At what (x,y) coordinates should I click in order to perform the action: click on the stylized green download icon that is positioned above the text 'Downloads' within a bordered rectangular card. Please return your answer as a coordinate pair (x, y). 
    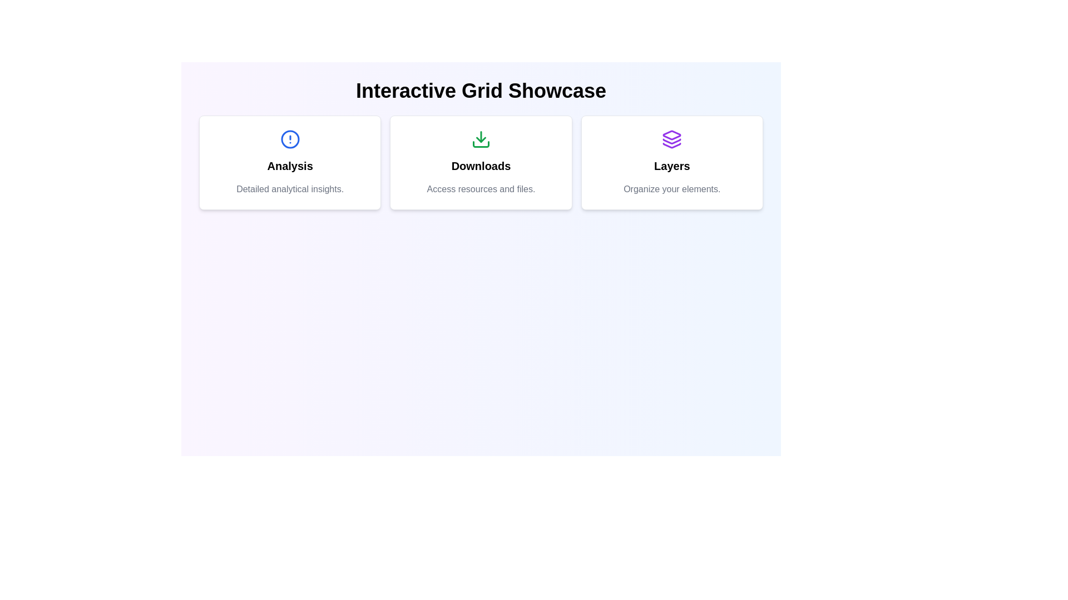
    Looking at the image, I should click on (481, 138).